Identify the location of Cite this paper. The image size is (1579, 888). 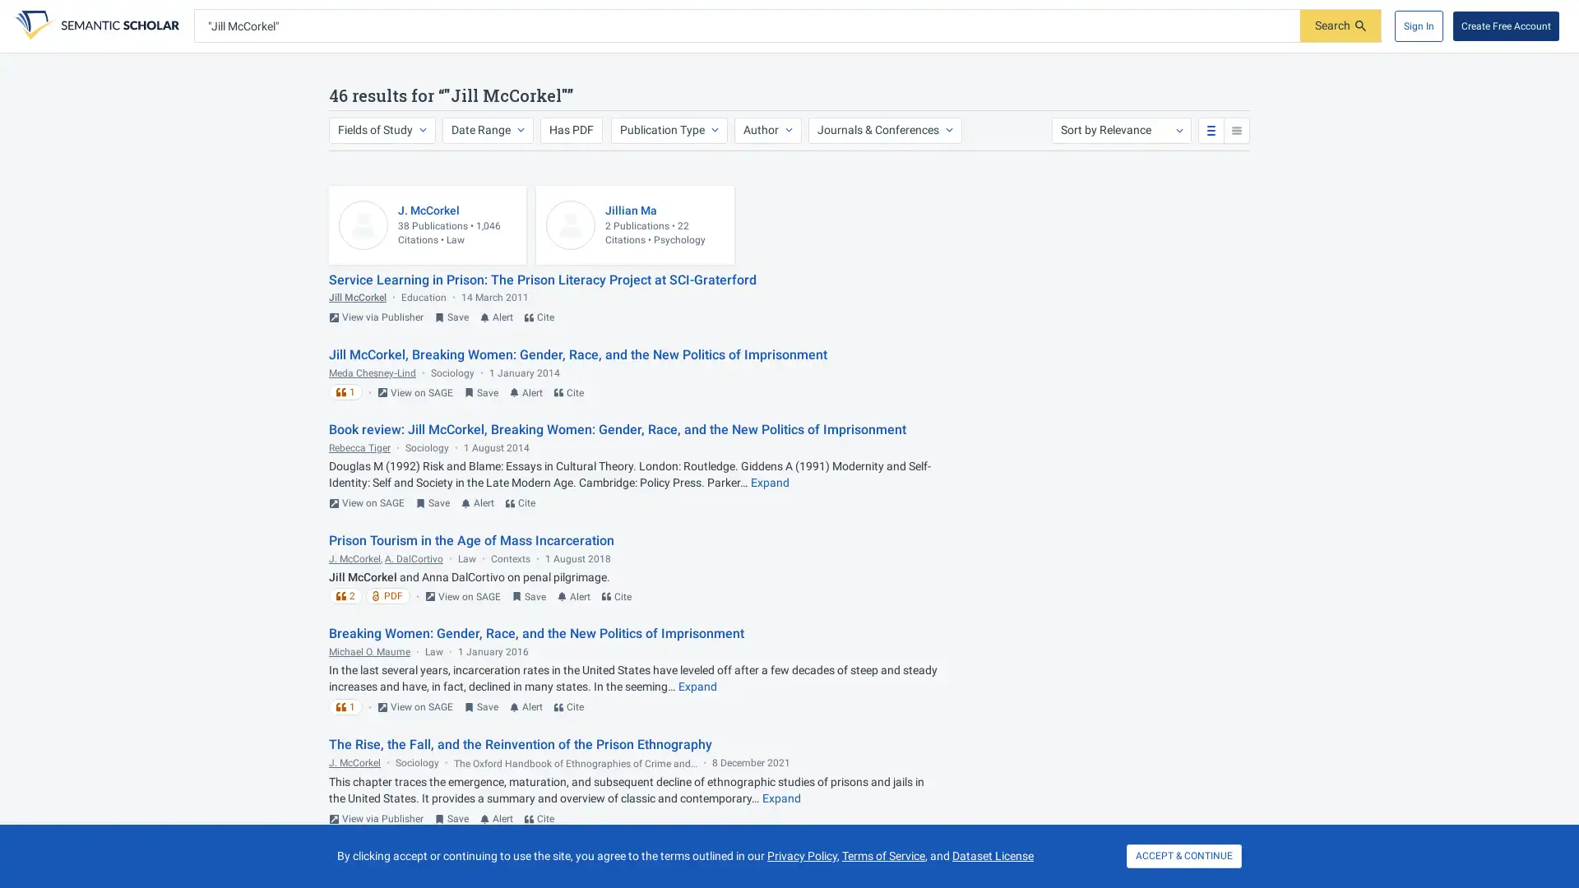
(615, 596).